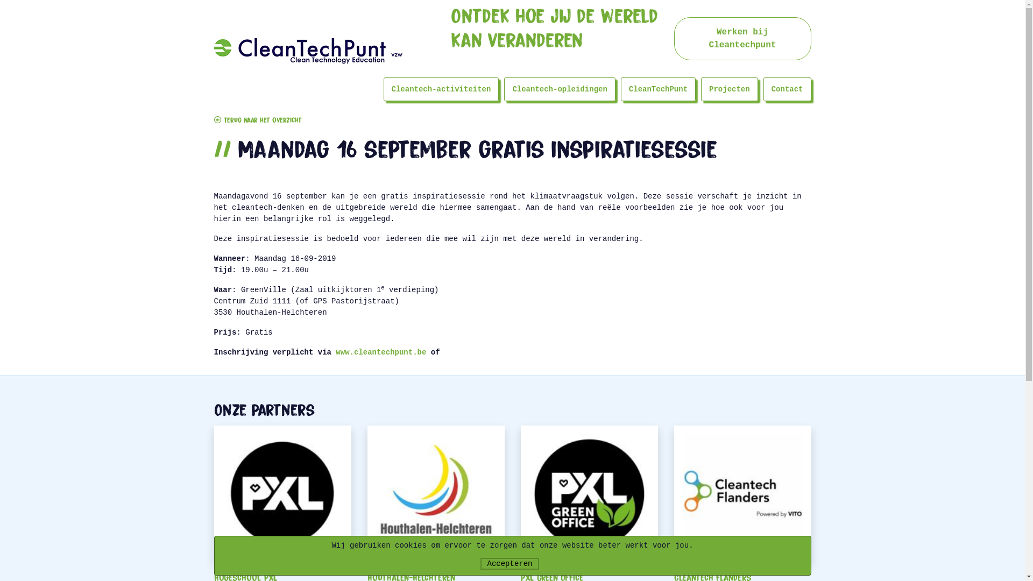  What do you see at coordinates (441, 88) in the screenshot?
I see `'Cleantech-activiteiten'` at bounding box center [441, 88].